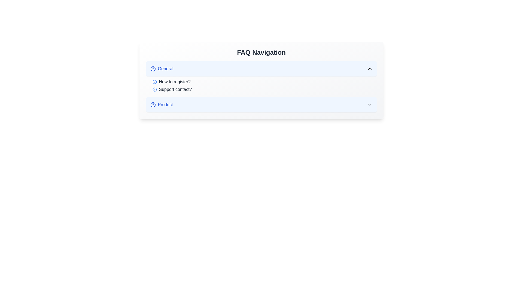 Image resolution: width=523 pixels, height=294 pixels. Describe the element at coordinates (175, 82) in the screenshot. I see `the text hyperlink labeled 'How to register?' located in the FAQ navigation interface, positioned to the right of a small blue question mark icon` at that location.